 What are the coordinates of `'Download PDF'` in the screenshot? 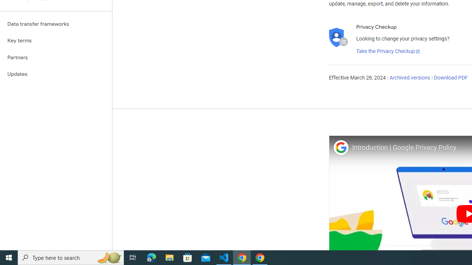 It's located at (450, 78).